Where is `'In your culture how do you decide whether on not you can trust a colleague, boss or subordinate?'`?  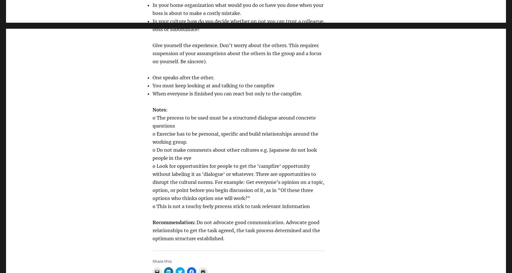
'In your culture how do you decide whether on not you can trust a colleague, boss or subordinate?' is located at coordinates (238, 25).